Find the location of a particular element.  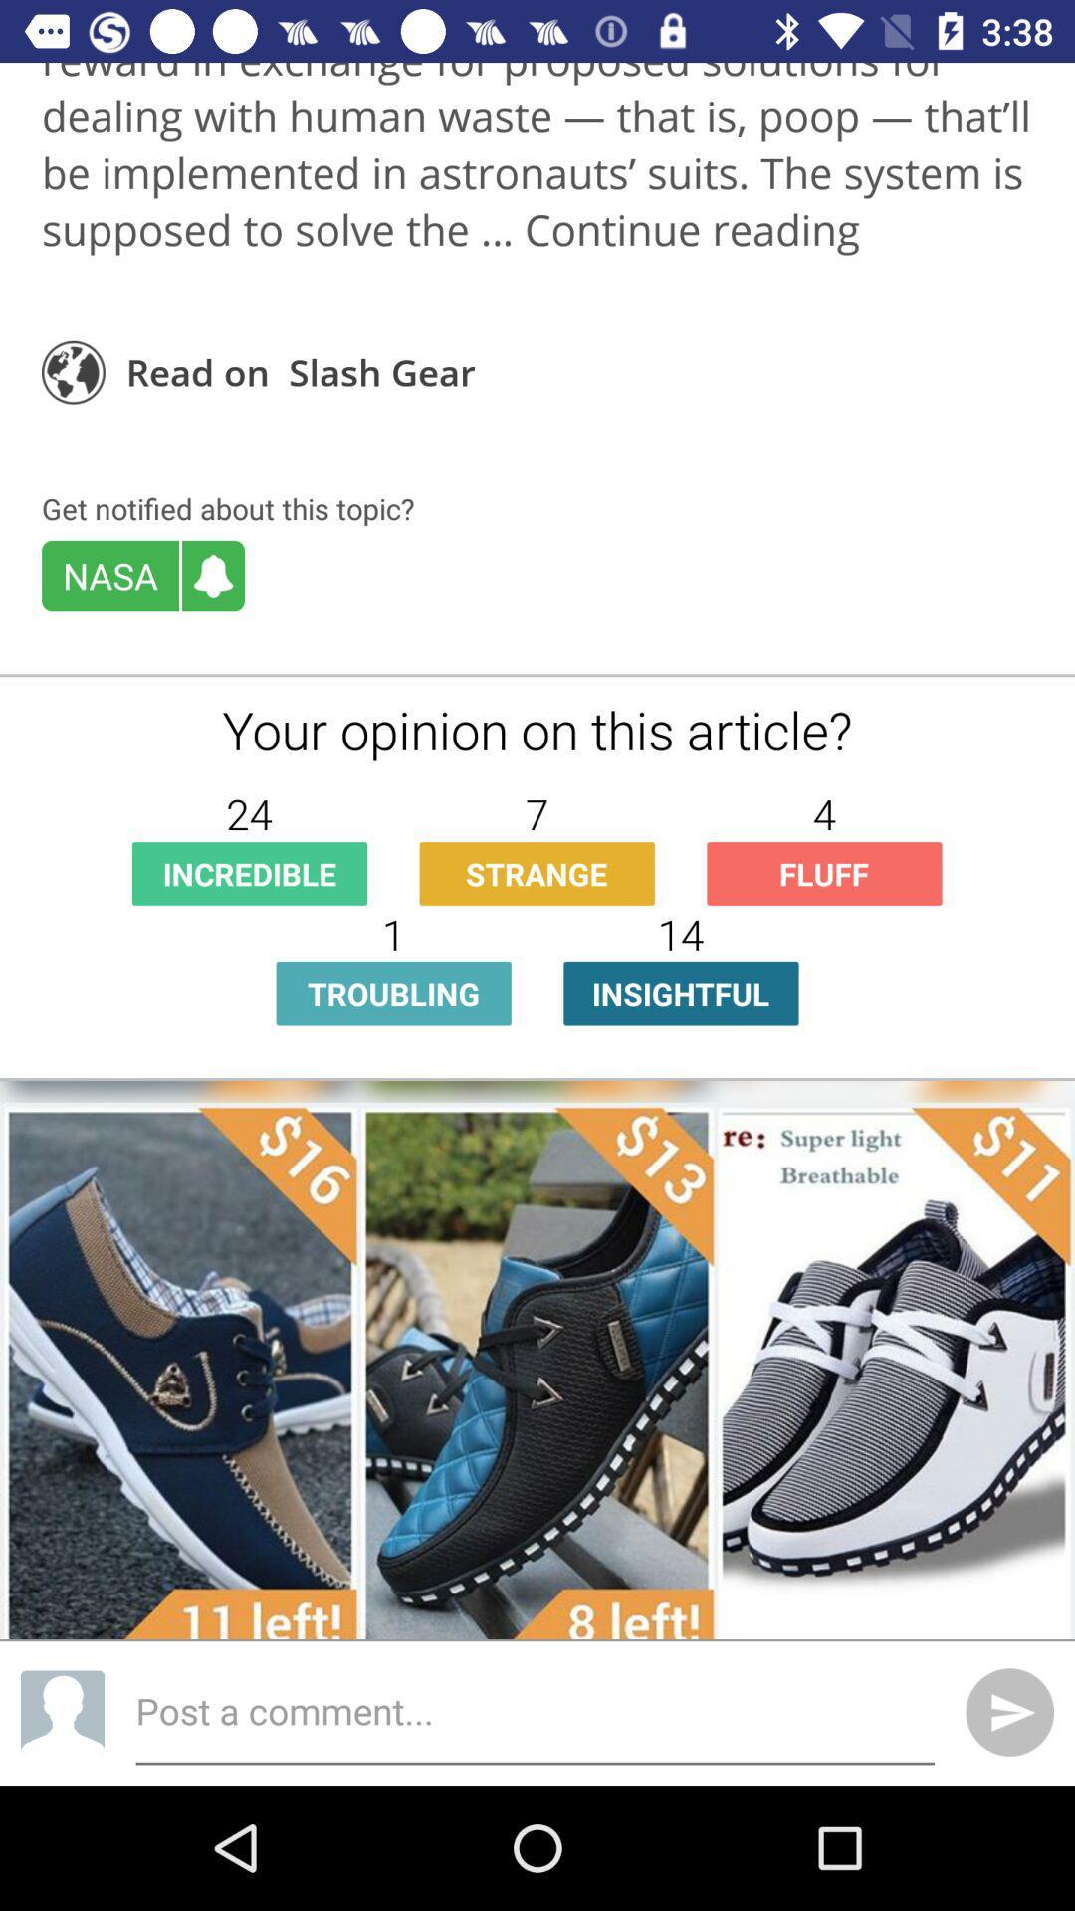

the icon at the bottom right corner is located at coordinates (1009, 1711).